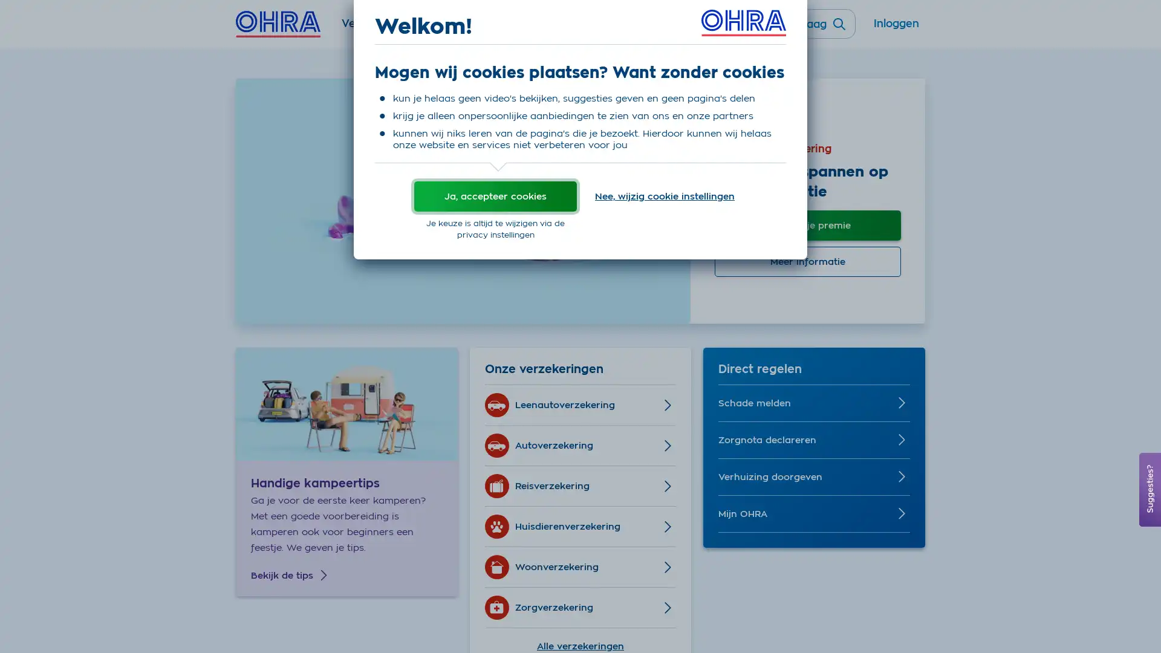 Image resolution: width=1161 pixels, height=653 pixels. Describe the element at coordinates (495, 195) in the screenshot. I see `Ja, accepteer cookies` at that location.